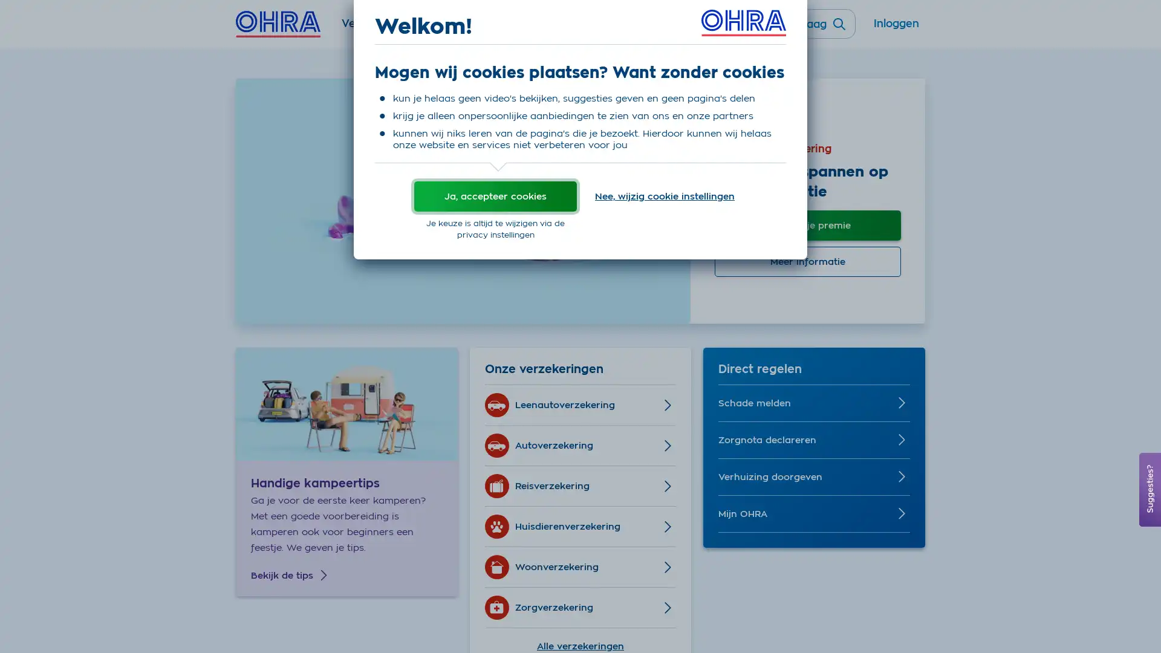 Image resolution: width=1161 pixels, height=653 pixels. Describe the element at coordinates (495, 195) in the screenshot. I see `Ja, accepteer cookies` at that location.